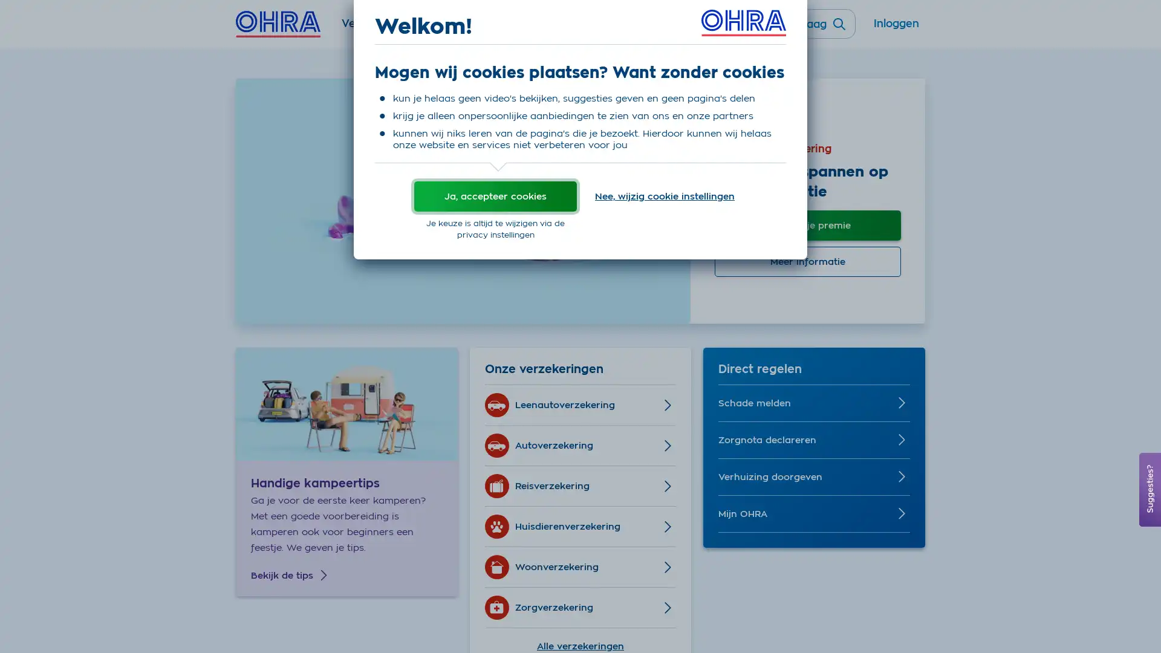 Image resolution: width=1161 pixels, height=653 pixels. Describe the element at coordinates (495, 195) in the screenshot. I see `Ja, accepteer cookies` at that location.